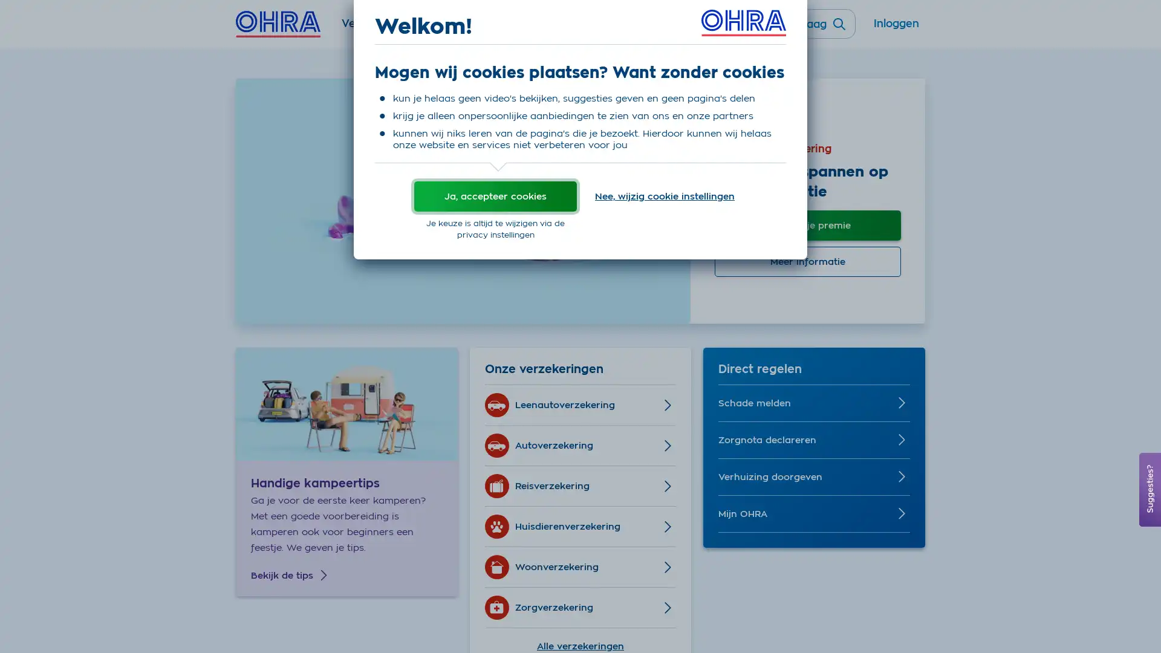 Image resolution: width=1161 pixels, height=653 pixels. Describe the element at coordinates (495, 195) in the screenshot. I see `Ja, accepteer cookies` at that location.